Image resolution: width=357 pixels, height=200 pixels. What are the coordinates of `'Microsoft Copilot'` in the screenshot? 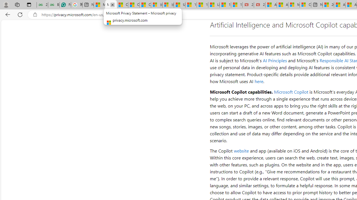 It's located at (291, 91).